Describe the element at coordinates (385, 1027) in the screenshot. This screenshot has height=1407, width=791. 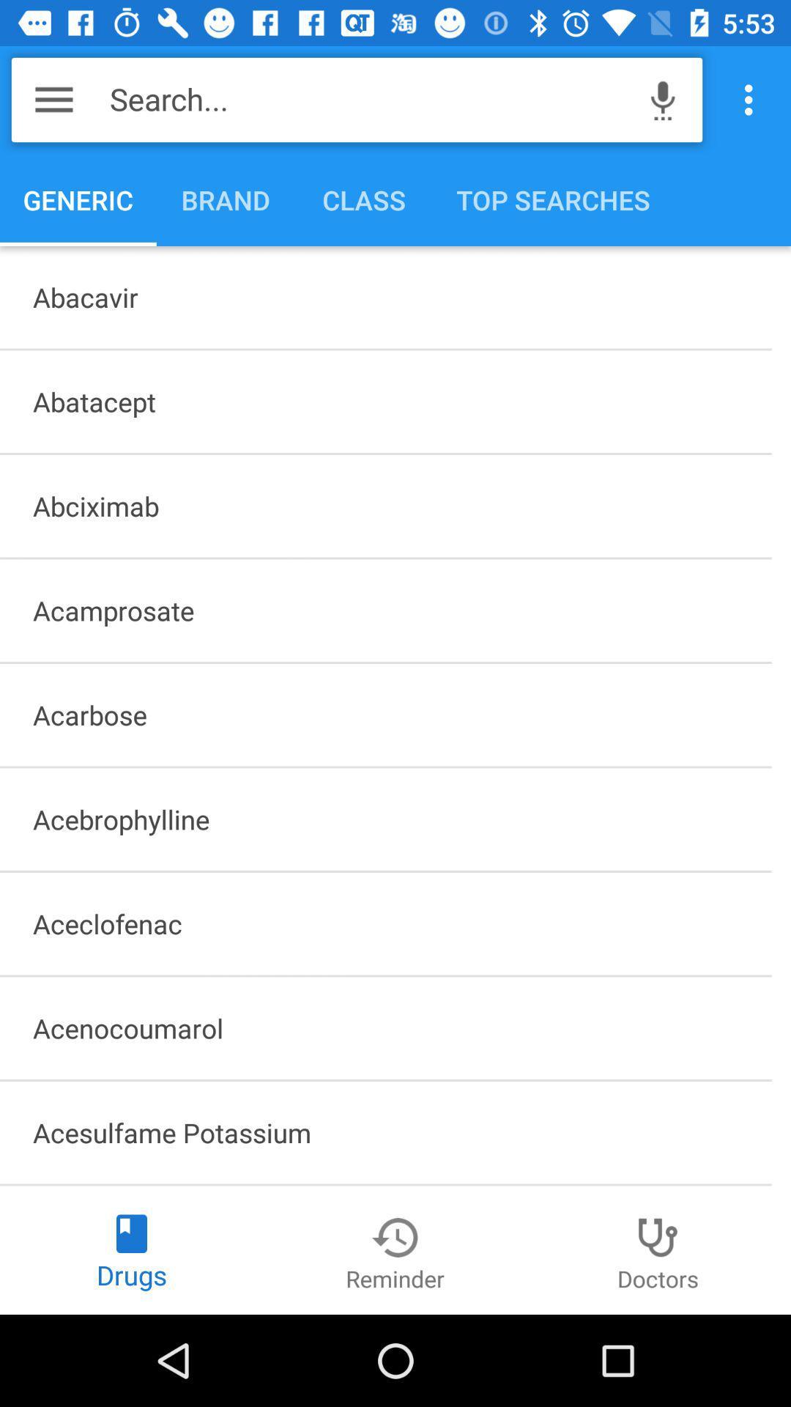
I see `item above acesulfame potassium icon` at that location.